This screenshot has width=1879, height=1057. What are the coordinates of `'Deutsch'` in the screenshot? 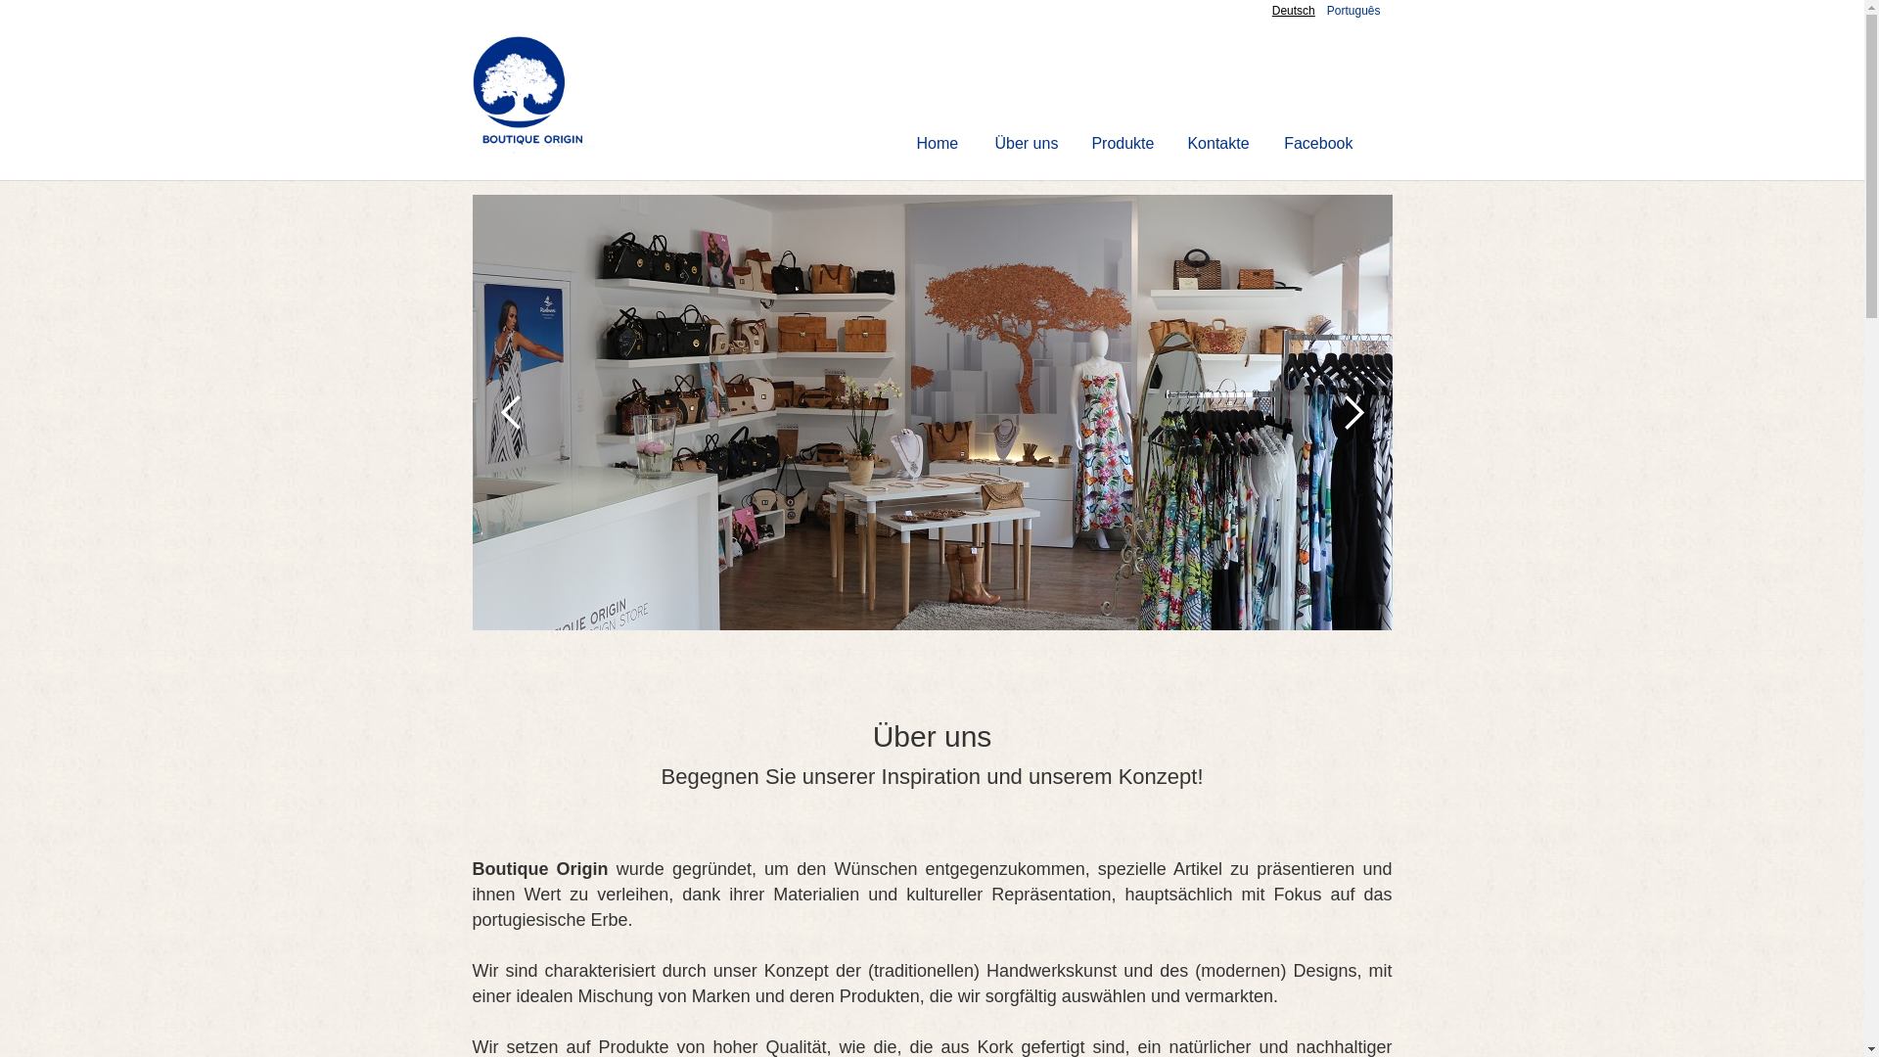 It's located at (1272, 11).